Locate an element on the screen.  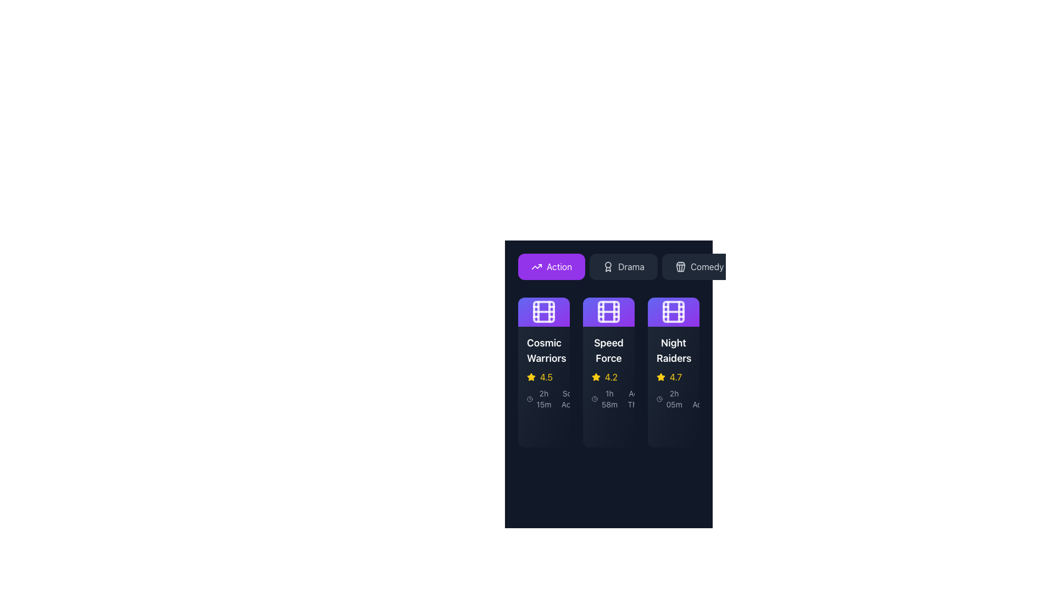
the icons within the 'Speed Force' movie information card, which is the second card from the left in the grid layout under the 'Action', 'Drama', and 'Comedy' tabs is located at coordinates (608, 350).